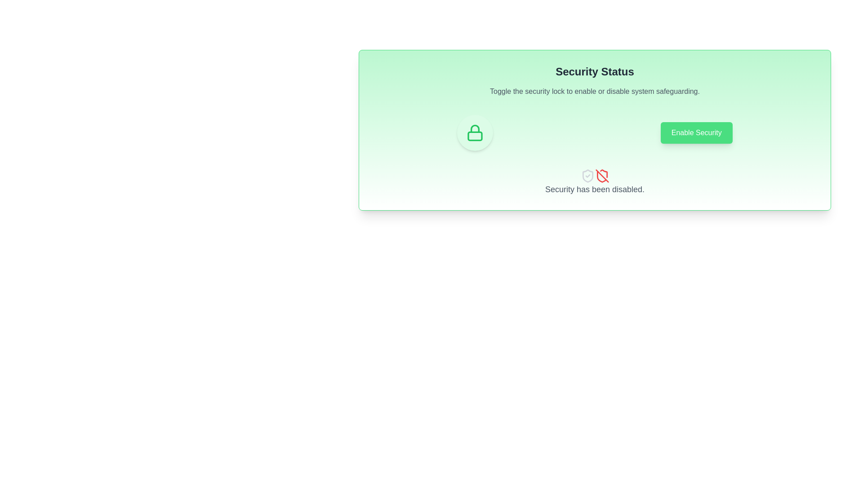 This screenshot has width=863, height=485. I want to click on informative text displaying 'Security has been disabled.' which is positioned below the 'Enable Security' button and features decorative shield icons indicating a disabled status, so click(595, 182).